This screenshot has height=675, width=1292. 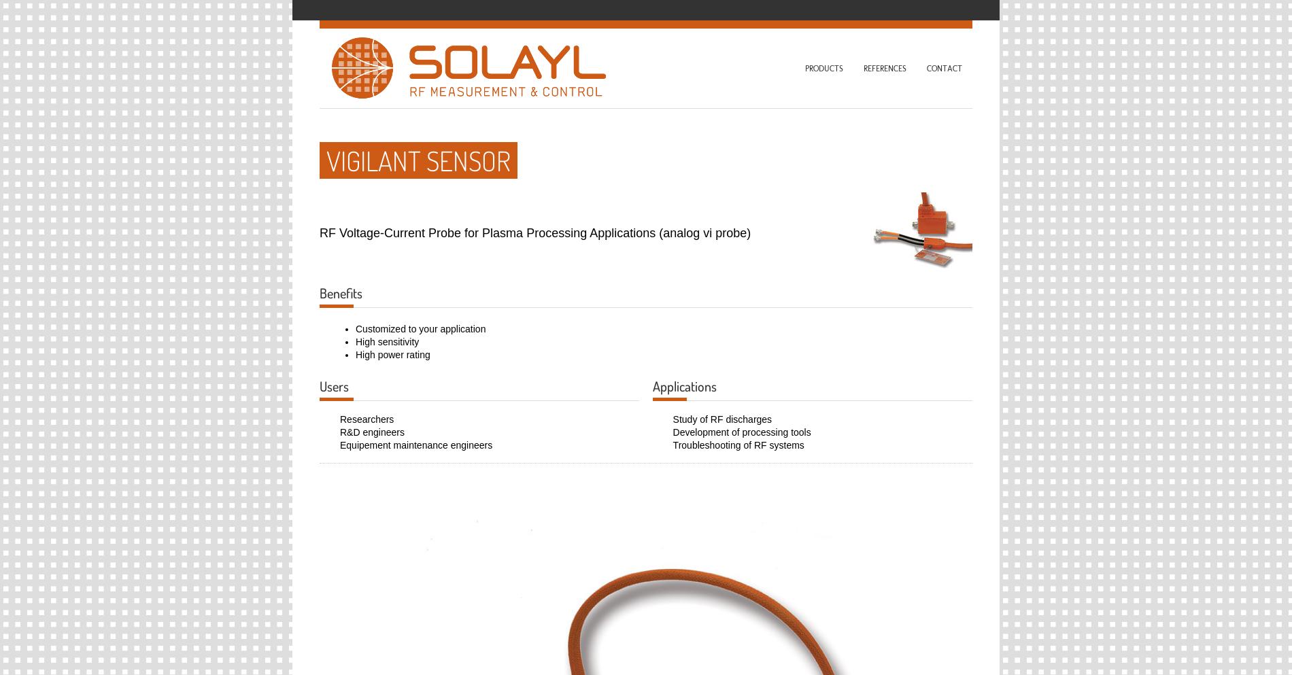 What do you see at coordinates (418, 160) in the screenshot?
I see `'VIGILANT SENSOR'` at bounding box center [418, 160].